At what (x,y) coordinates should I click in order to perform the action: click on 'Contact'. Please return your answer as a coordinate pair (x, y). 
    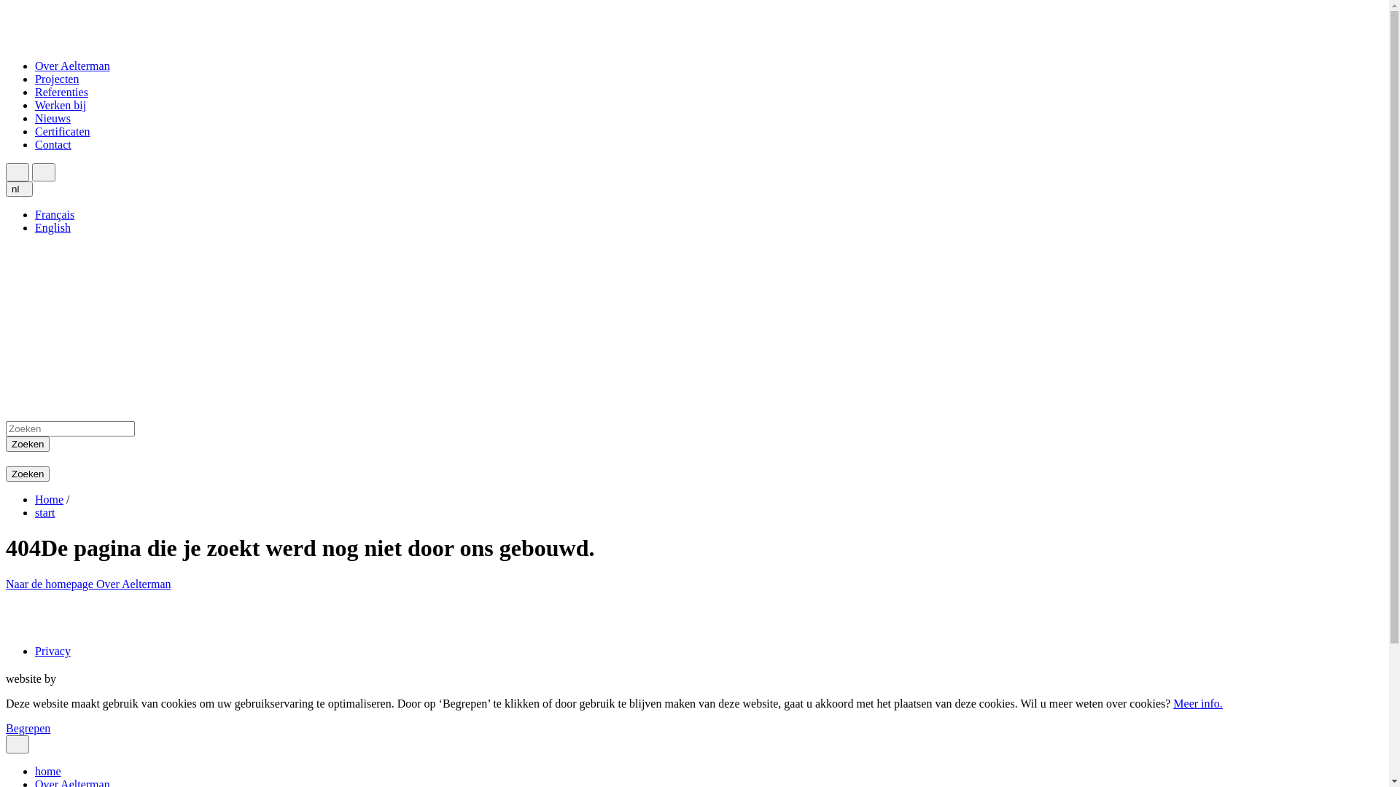
    Looking at the image, I should click on (52, 144).